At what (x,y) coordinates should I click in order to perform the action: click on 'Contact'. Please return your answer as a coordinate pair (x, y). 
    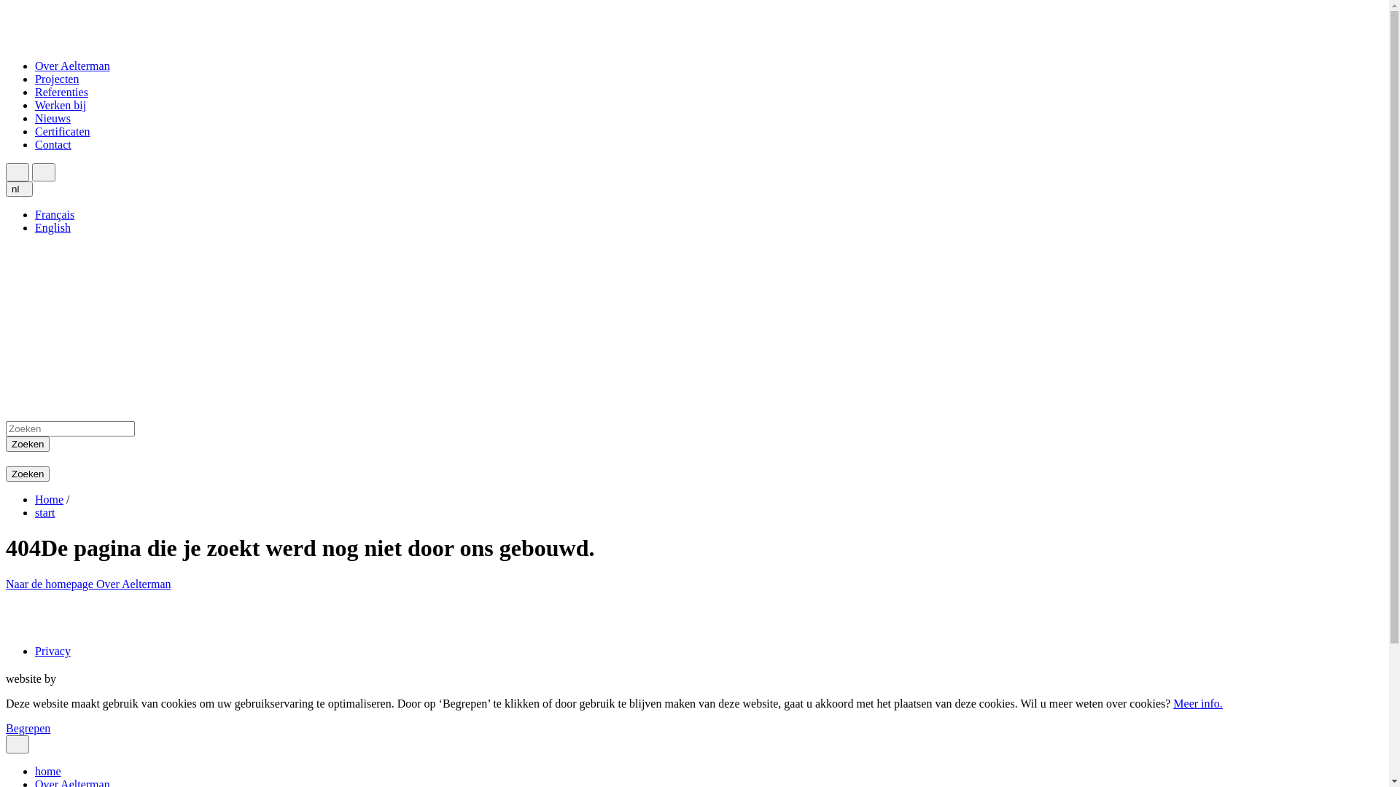
    Looking at the image, I should click on (52, 144).